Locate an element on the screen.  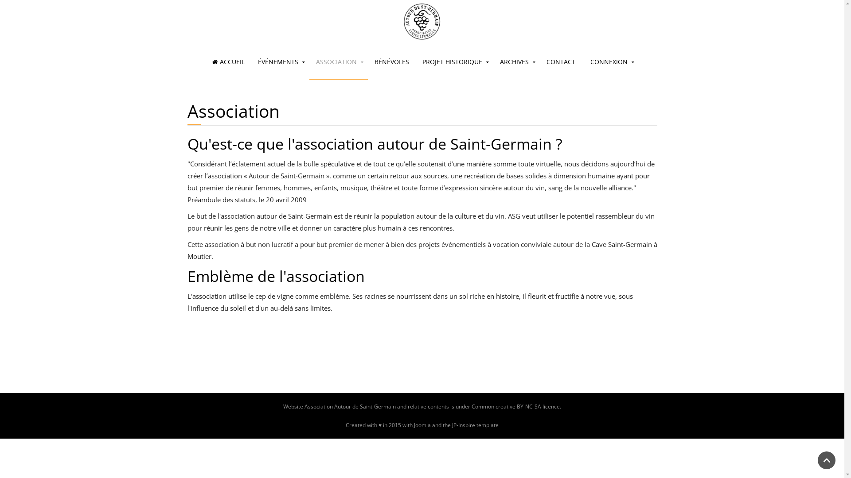
'CONNEXION' is located at coordinates (583, 61).